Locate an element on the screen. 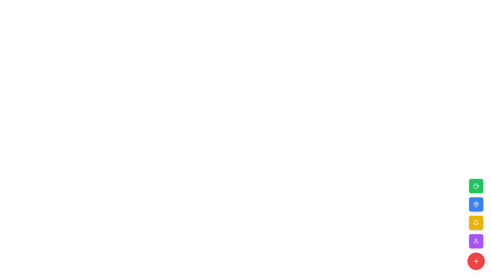  the map pin icon located below the green icon and above the yellow icon in the 'Locate Us' section is located at coordinates (476, 204).